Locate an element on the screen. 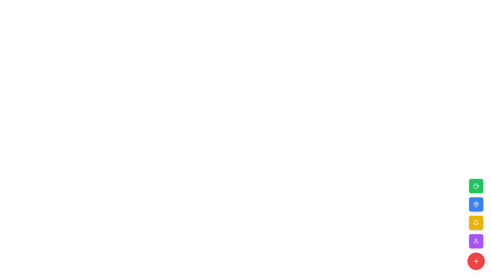  the map pin icon located below the green icon and above the yellow icon in the 'Locate Us' section is located at coordinates (476, 204).